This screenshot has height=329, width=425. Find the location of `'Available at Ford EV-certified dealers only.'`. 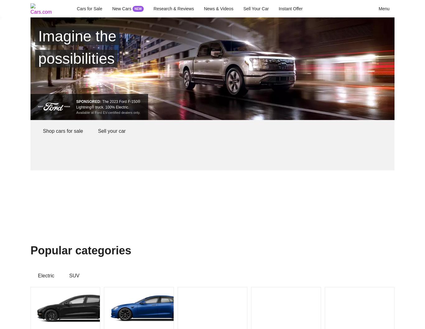

'Available at Ford EV-certified dealers only.' is located at coordinates (108, 112).